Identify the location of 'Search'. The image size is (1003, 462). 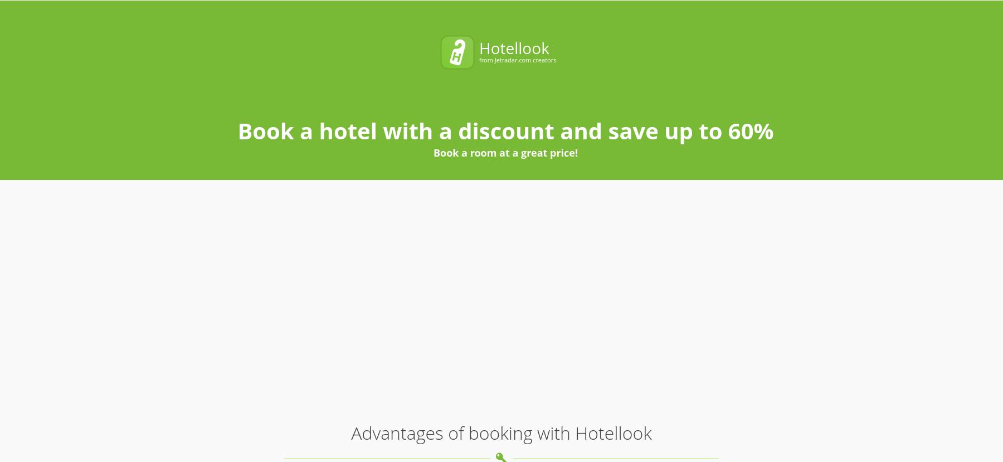
(721, 41).